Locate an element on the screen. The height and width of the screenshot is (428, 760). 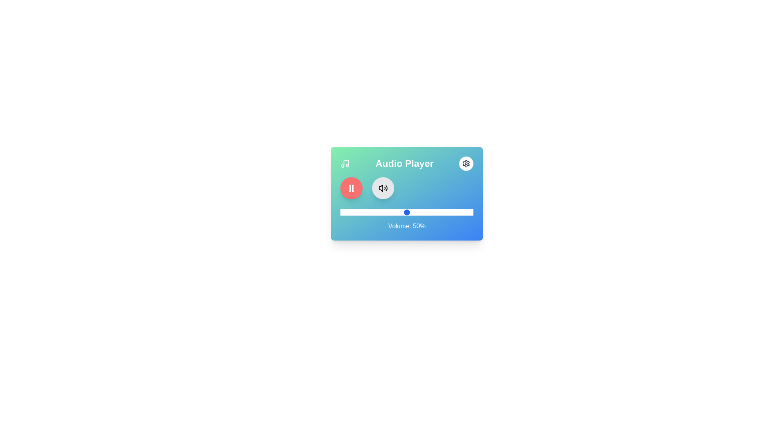
the right vertical rectangle of the pause icon within the media player control panel is located at coordinates (353, 188).